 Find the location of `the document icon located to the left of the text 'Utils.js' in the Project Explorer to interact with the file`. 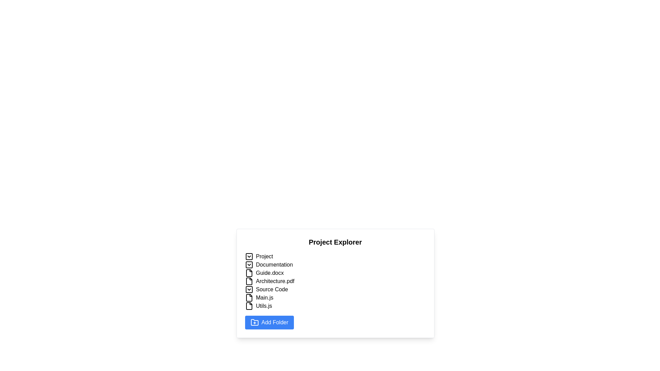

the document icon located to the left of the text 'Utils.js' in the Project Explorer to interact with the file is located at coordinates (249, 306).